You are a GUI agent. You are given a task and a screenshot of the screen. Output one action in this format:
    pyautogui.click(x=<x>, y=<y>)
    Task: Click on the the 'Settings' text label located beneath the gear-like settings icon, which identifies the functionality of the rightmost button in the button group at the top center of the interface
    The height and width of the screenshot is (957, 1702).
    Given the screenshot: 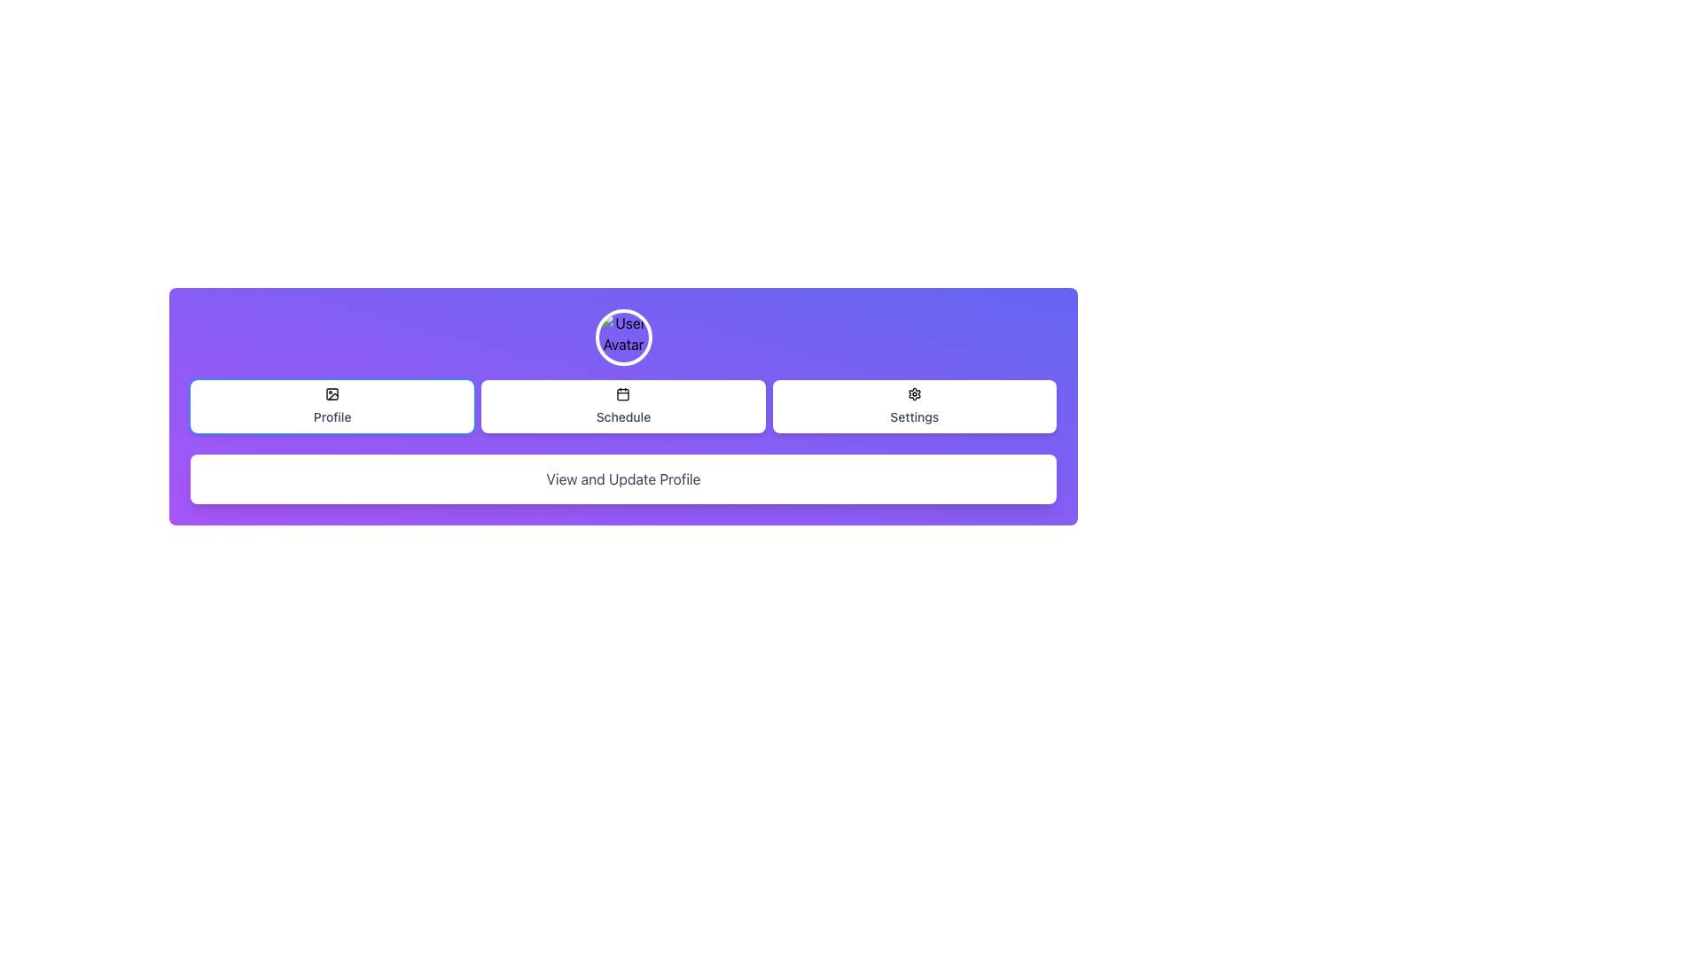 What is the action you would take?
    pyautogui.click(x=914, y=416)
    